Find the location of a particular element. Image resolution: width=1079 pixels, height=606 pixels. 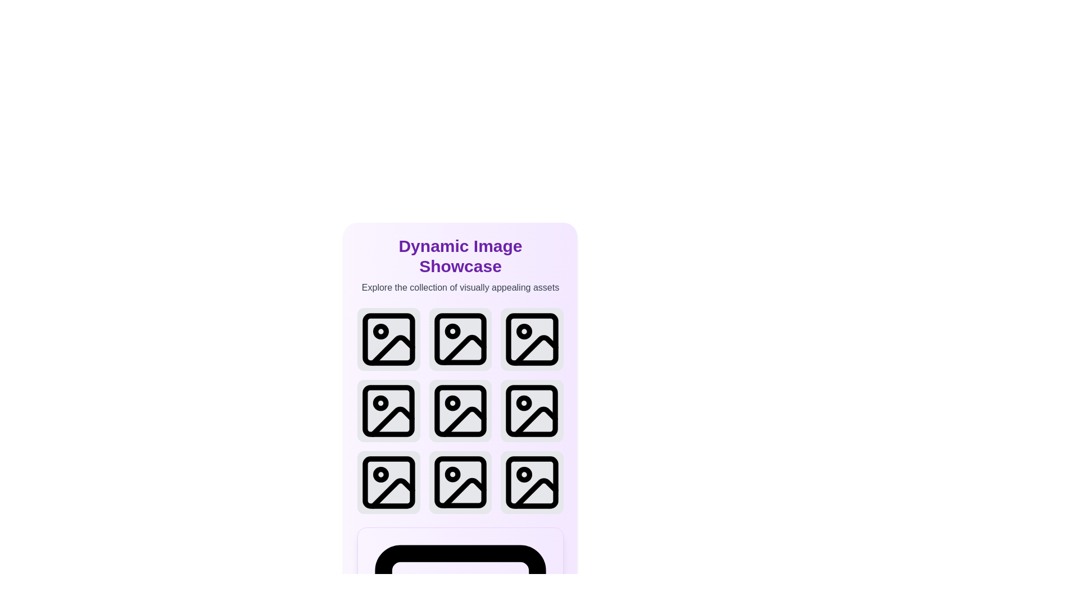

the small rectangle with slightly rounded corners located in the top-left corner of the image icon is located at coordinates (388, 338).